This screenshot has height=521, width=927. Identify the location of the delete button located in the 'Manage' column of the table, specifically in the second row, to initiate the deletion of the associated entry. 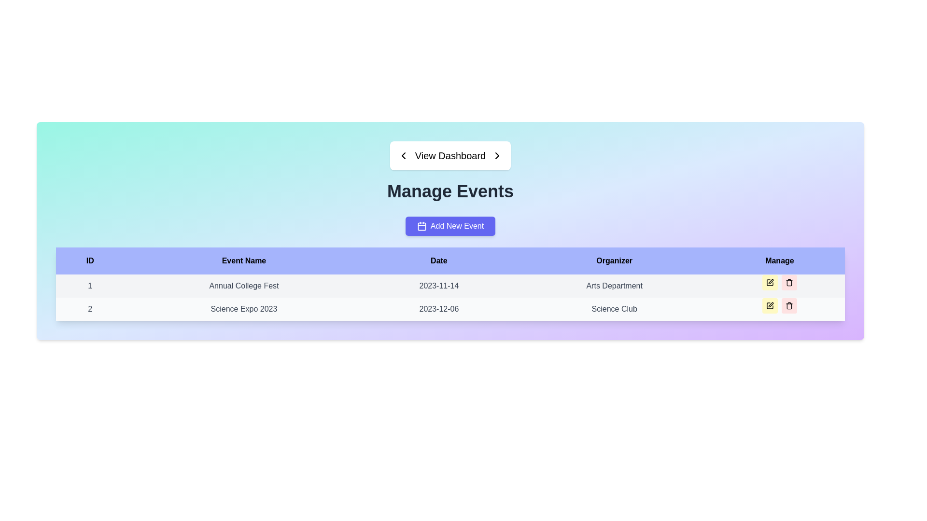
(789, 283).